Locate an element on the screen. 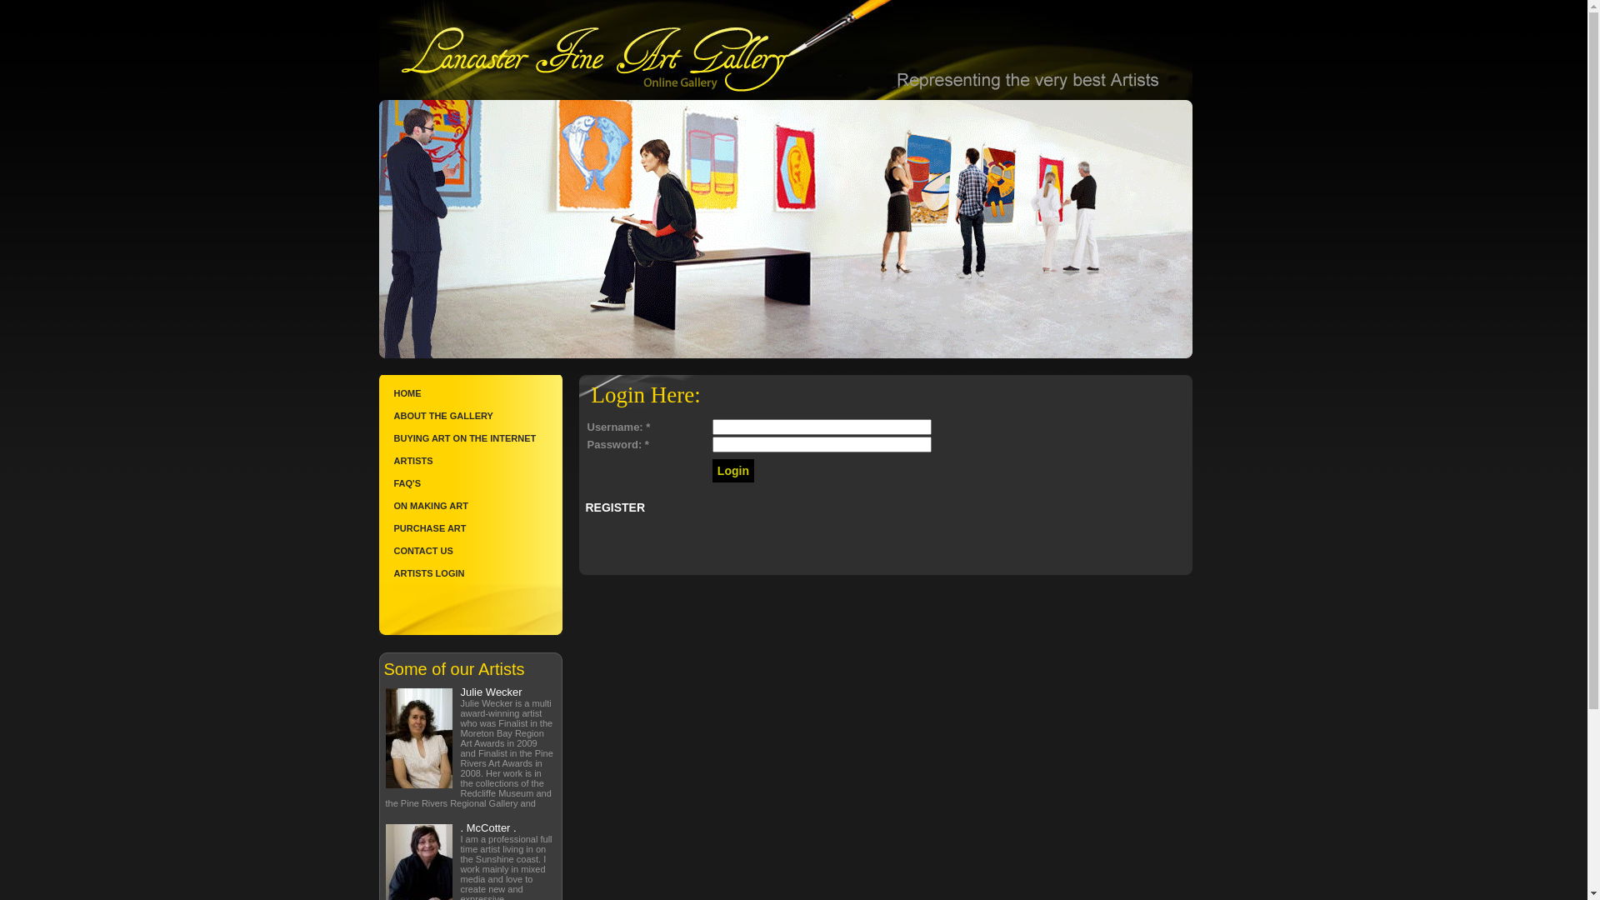 The image size is (1600, 900). 'REGISTER' is located at coordinates (614, 507).